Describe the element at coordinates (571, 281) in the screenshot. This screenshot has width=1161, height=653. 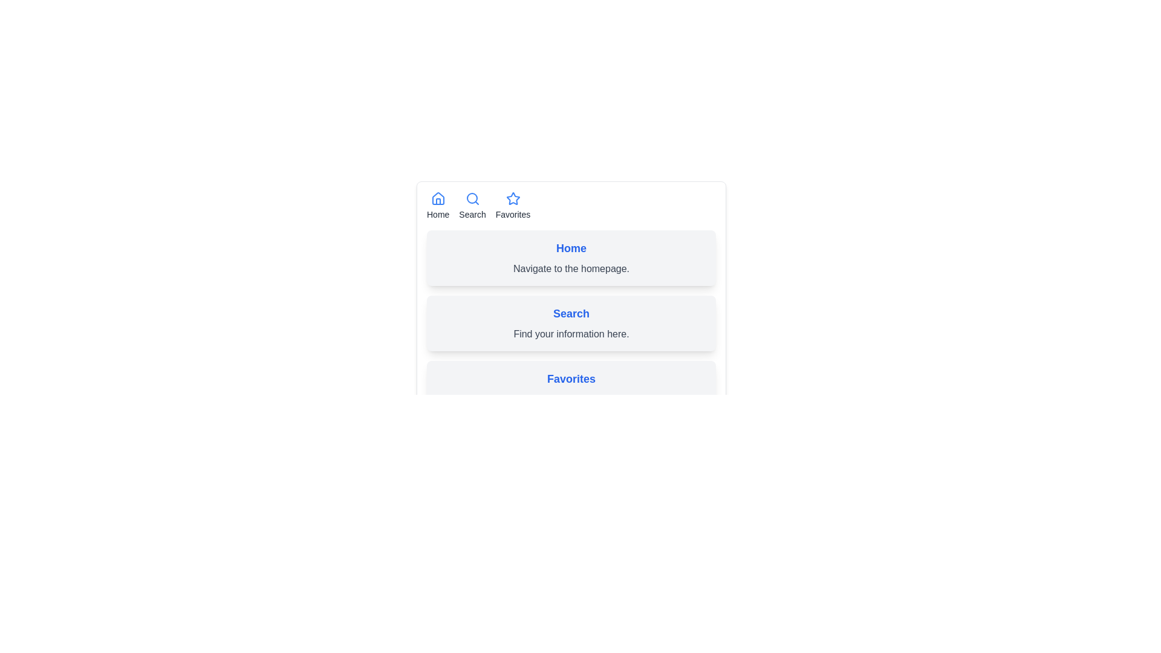
I see `the Static Content Block that is the first card in a vertically stacked group, featuring a bold blue title 'Home' and a smaller gray subtitle 'Navigate to the homepage.'` at that location.